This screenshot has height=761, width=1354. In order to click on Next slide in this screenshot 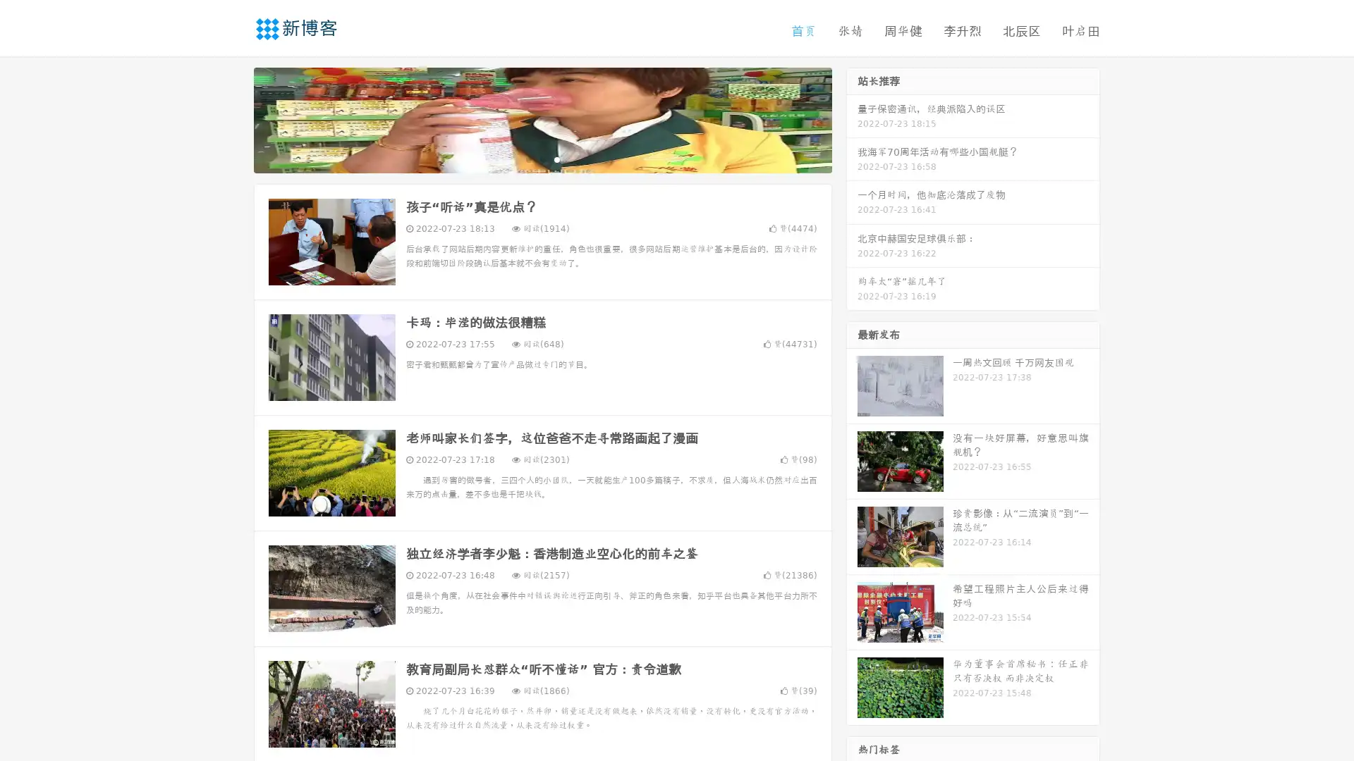, I will do `click(852, 118)`.